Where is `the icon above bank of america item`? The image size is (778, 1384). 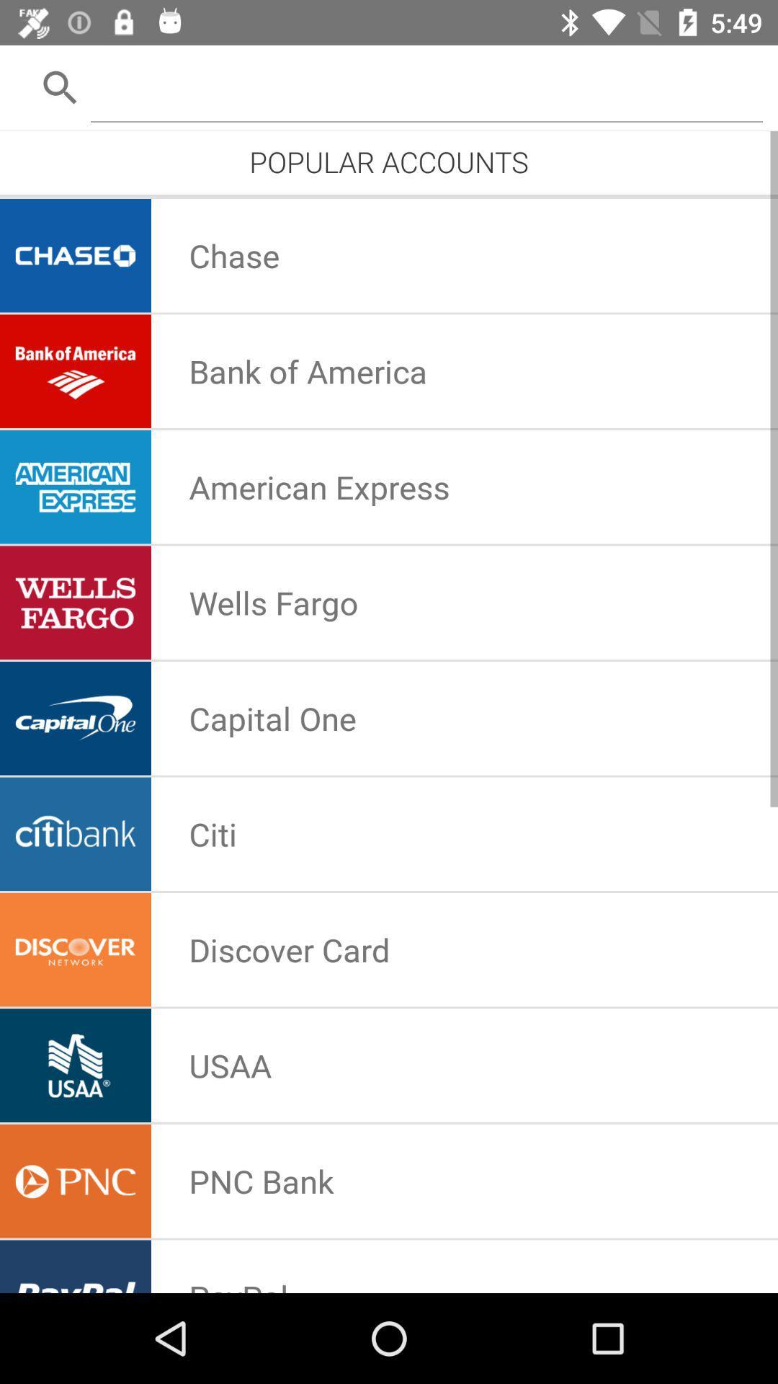
the icon above bank of america item is located at coordinates (233, 255).